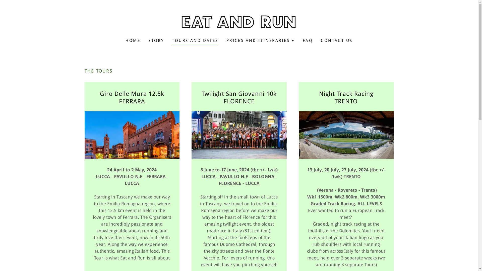 This screenshot has height=271, width=482. What do you see at coordinates (307, 40) in the screenshot?
I see `'FAQ'` at bounding box center [307, 40].